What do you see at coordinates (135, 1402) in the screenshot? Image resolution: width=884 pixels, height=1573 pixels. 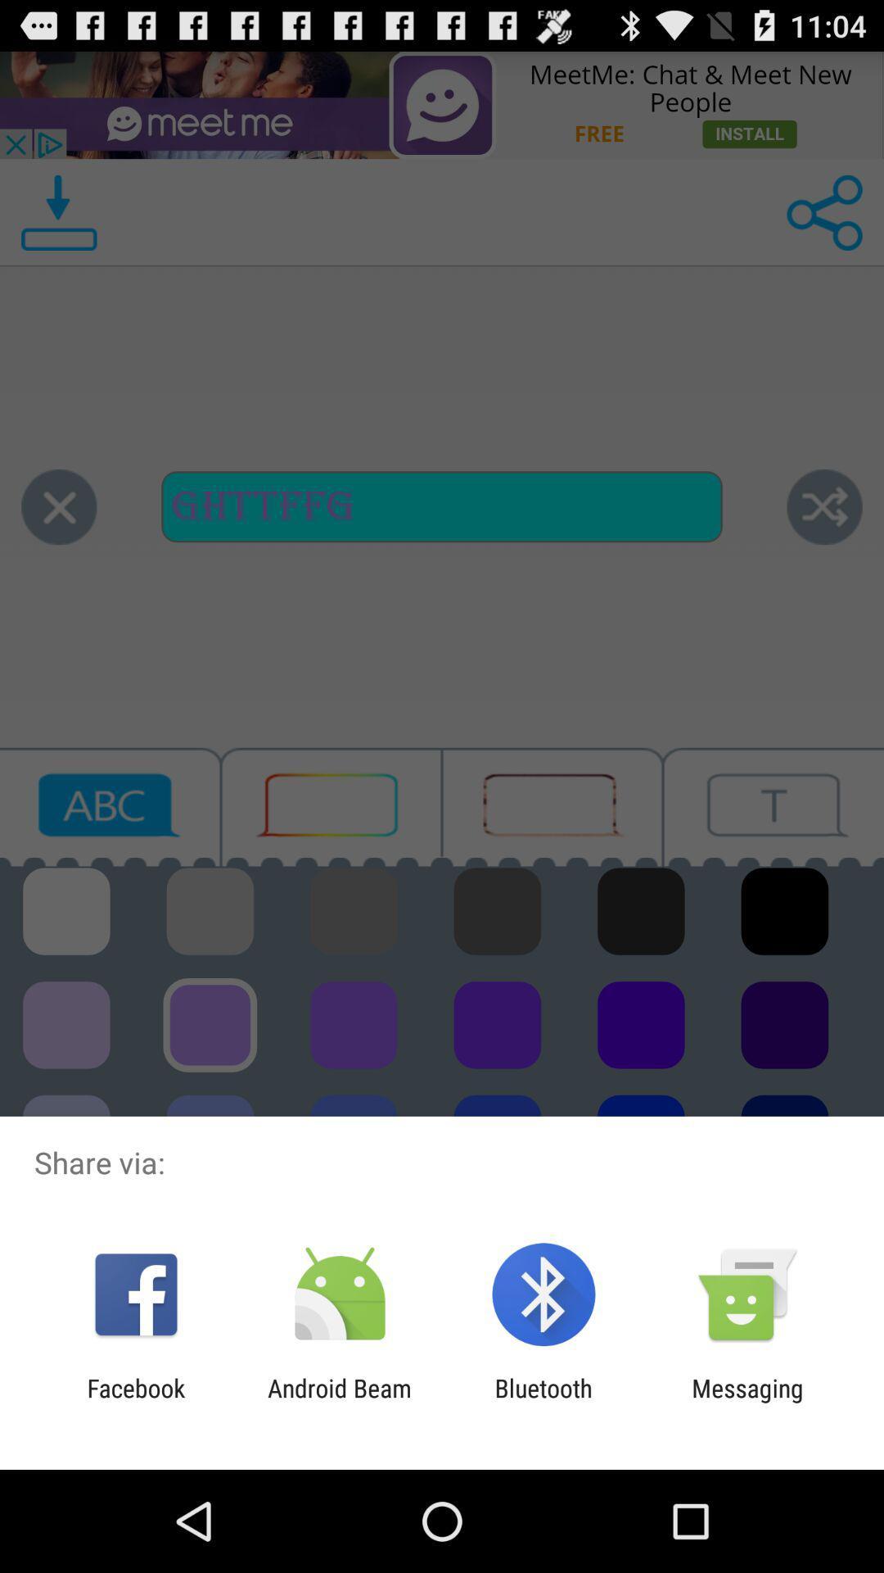 I see `the facebook app` at bounding box center [135, 1402].